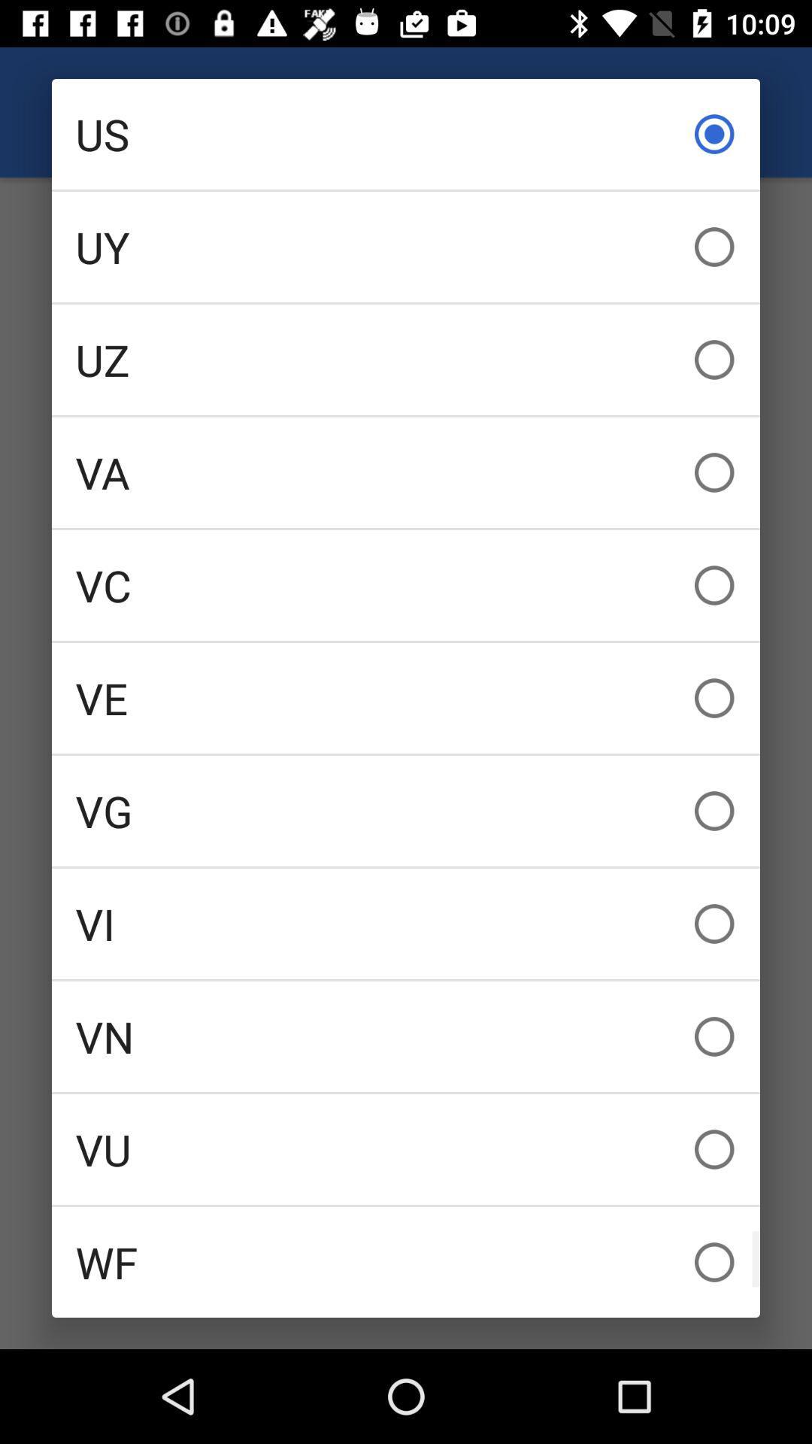  I want to click on uz item, so click(406, 359).